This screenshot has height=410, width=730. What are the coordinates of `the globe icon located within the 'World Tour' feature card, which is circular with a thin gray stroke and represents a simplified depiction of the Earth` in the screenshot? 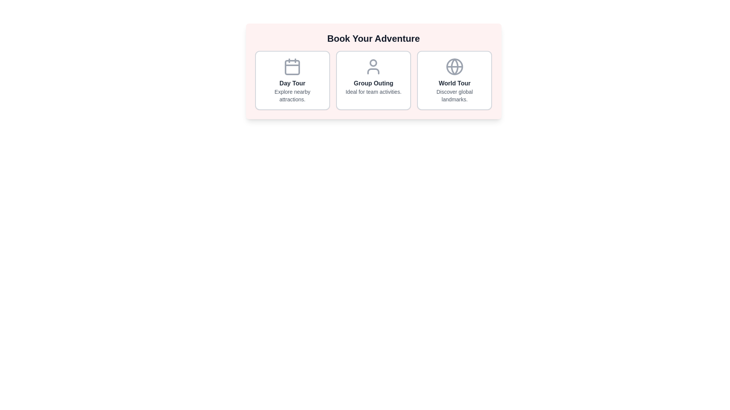 It's located at (454, 66).